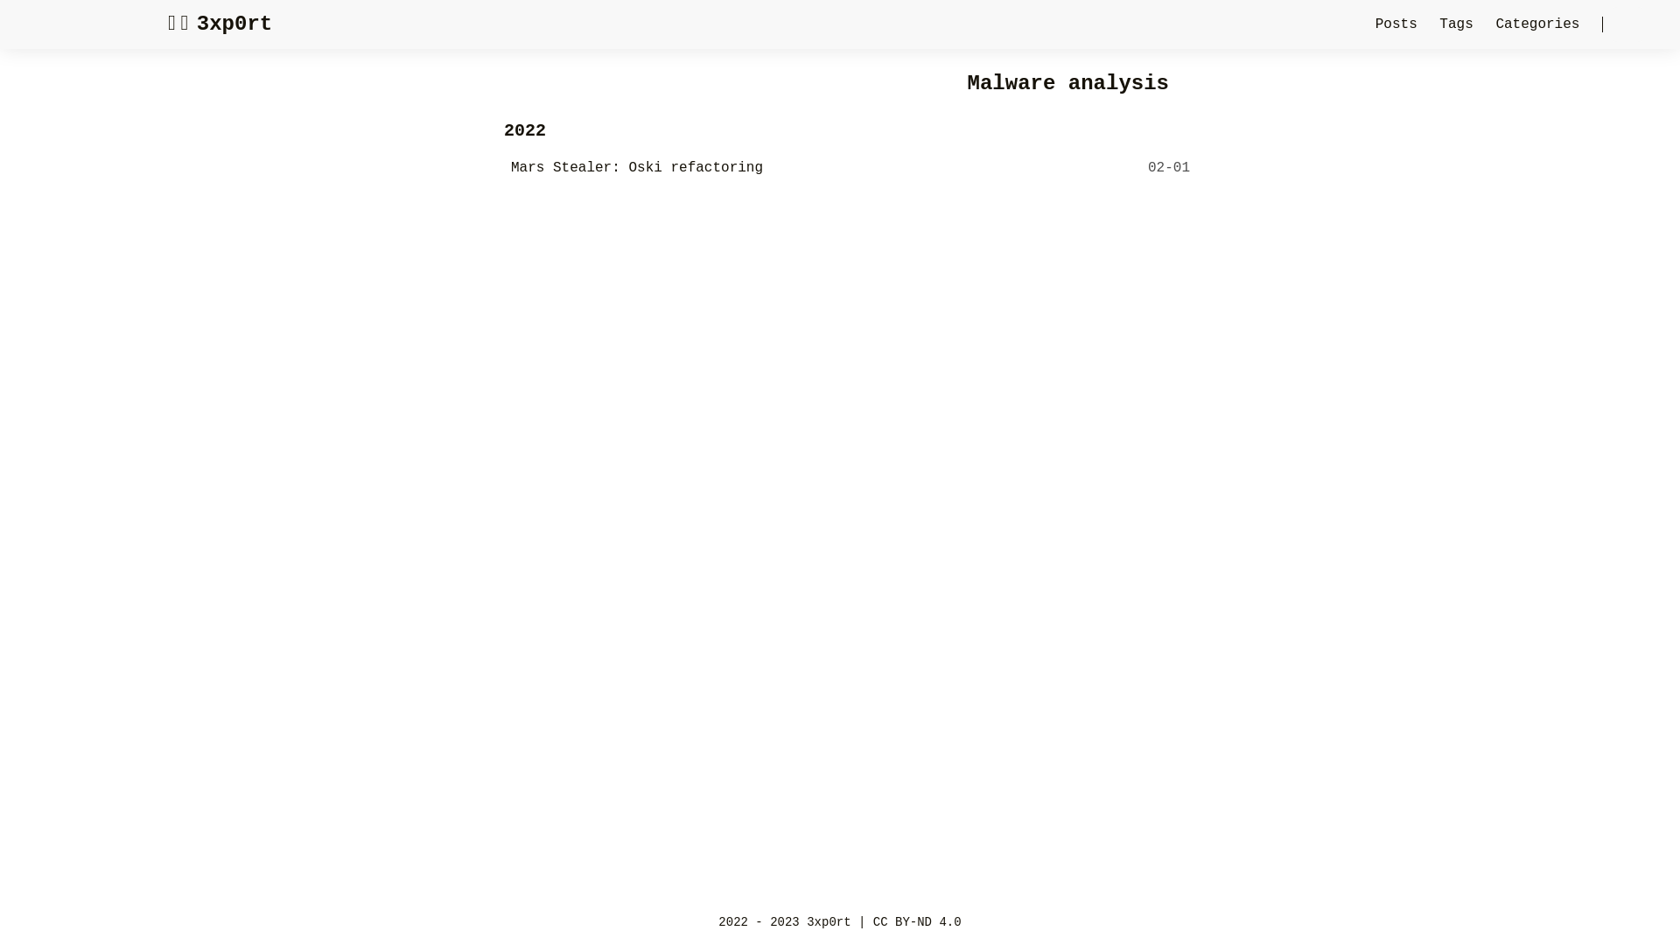  I want to click on 'CC BY-ND 4.0', so click(916, 920).